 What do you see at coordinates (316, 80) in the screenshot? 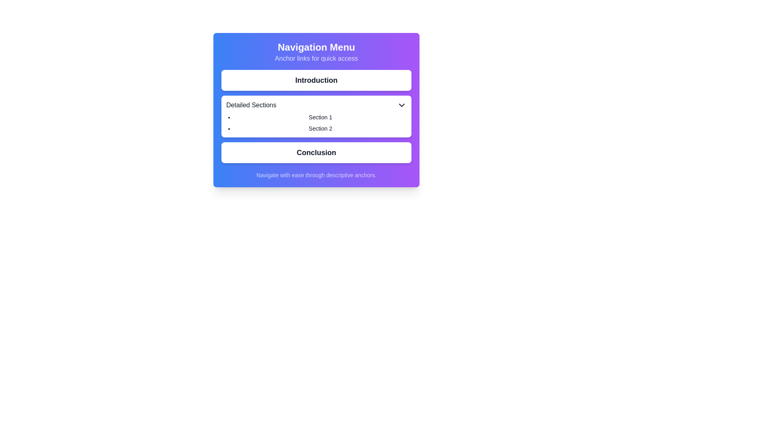
I see `the hyperlink with styled text` at bounding box center [316, 80].